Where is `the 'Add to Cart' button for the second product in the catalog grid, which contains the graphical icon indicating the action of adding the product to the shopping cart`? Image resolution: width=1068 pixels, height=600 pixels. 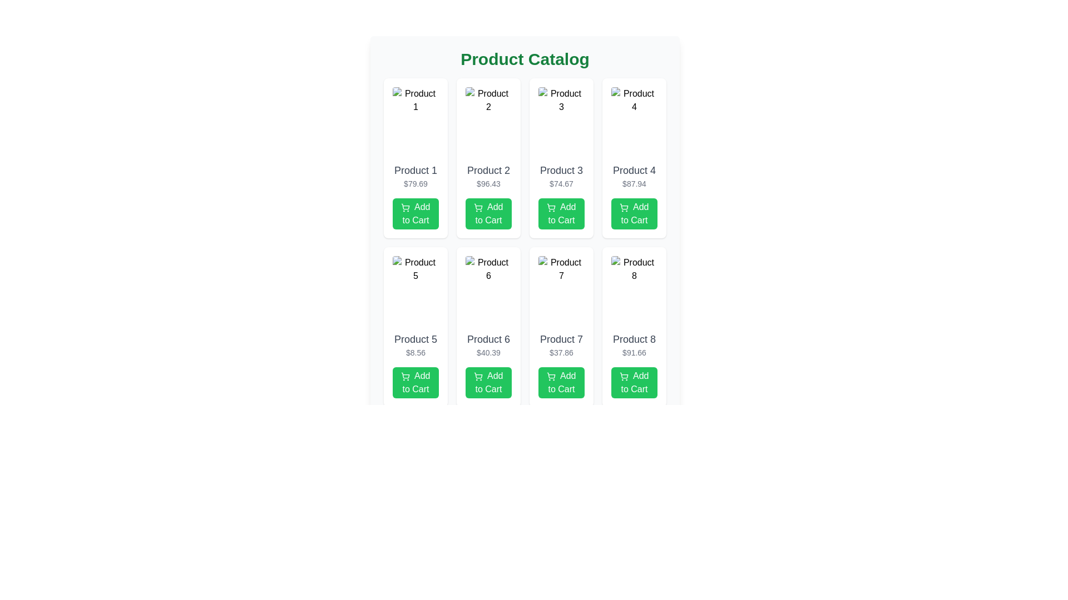
the 'Add to Cart' button for the second product in the catalog grid, which contains the graphical icon indicating the action of adding the product to the shopping cart is located at coordinates (478, 207).